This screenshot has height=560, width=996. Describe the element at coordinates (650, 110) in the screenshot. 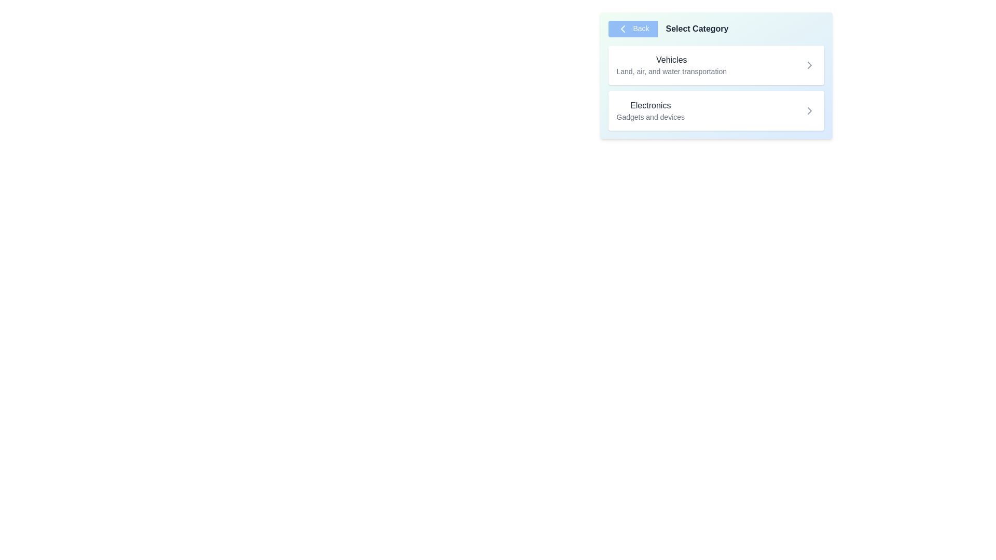

I see `the 'Electronics' category item with heading 'Electronics' and subheading 'Gadgets and devices'` at that location.